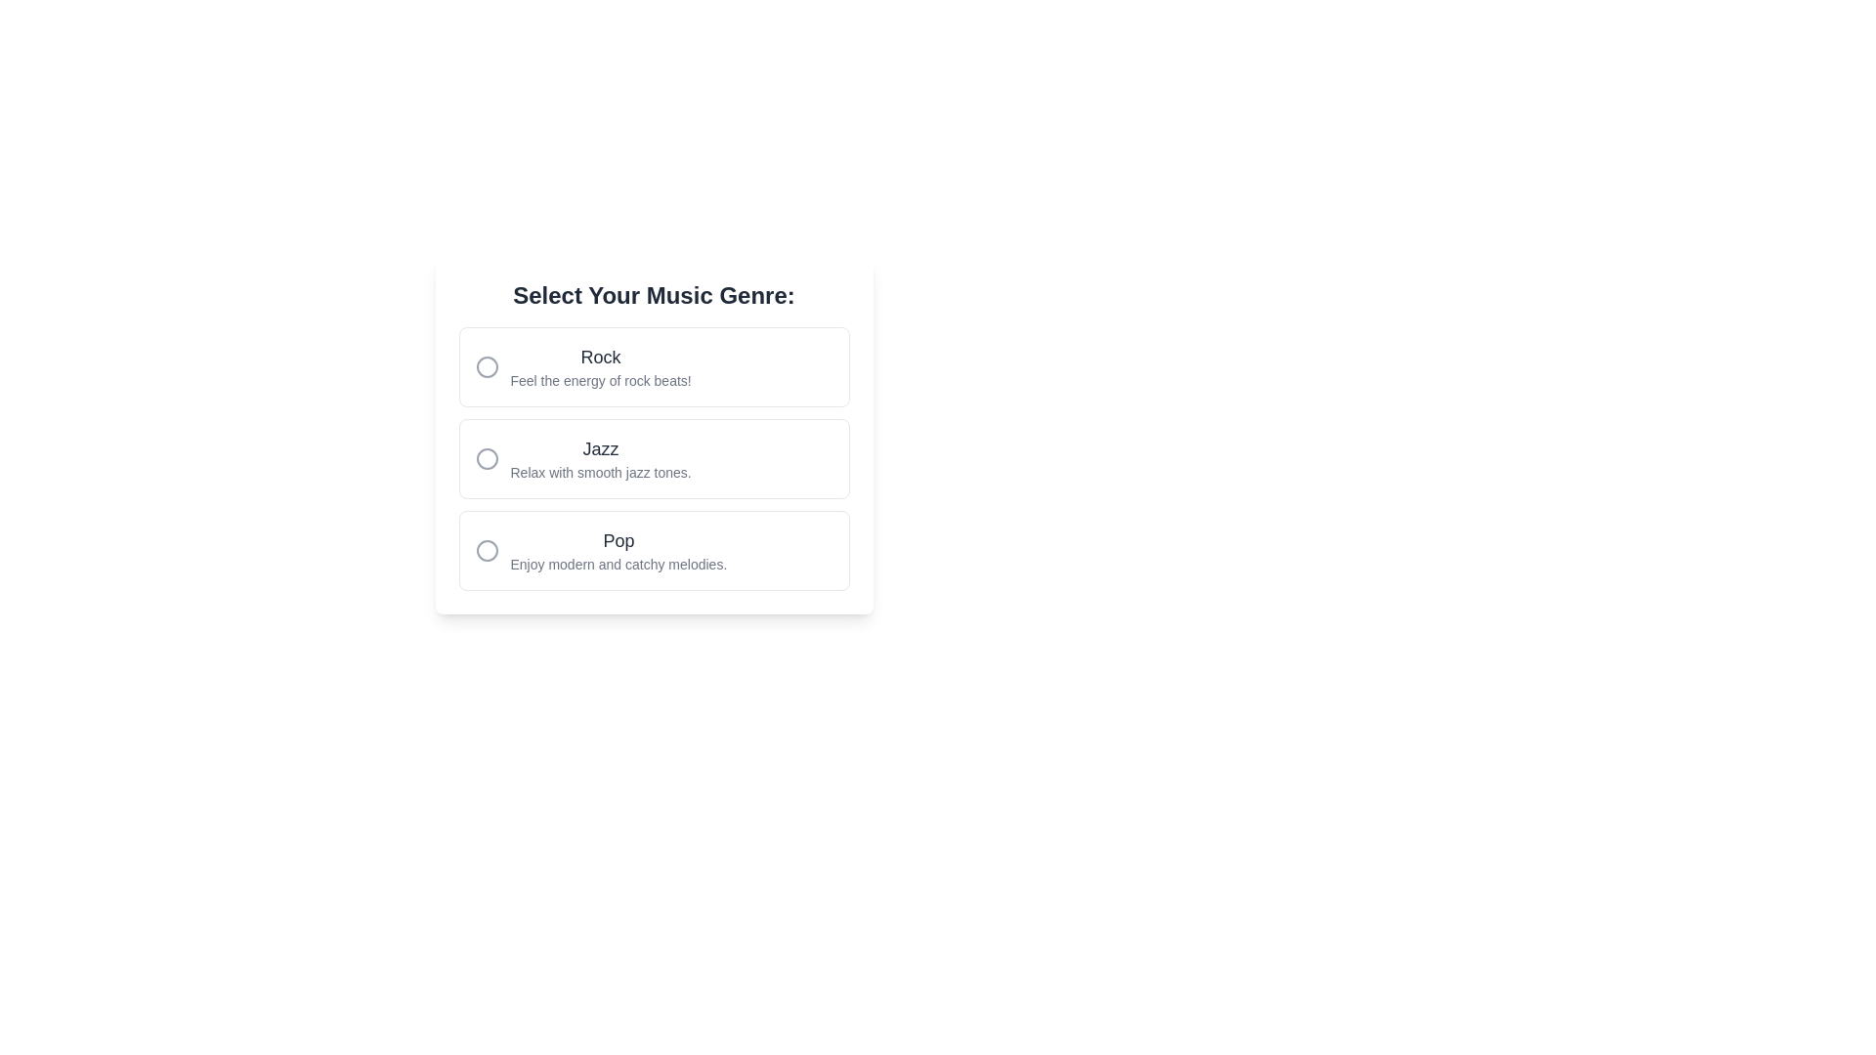  I want to click on the circular radio button indicator located, so click(487, 366).